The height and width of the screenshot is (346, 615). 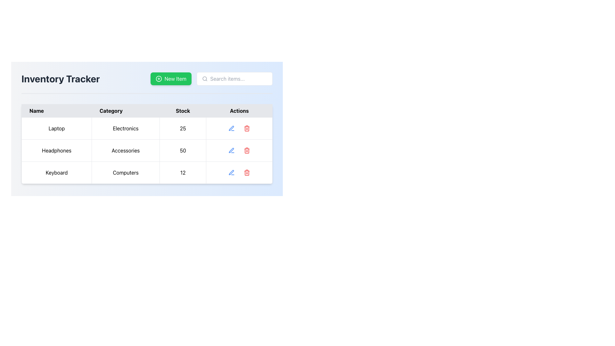 I want to click on the blue pen icon in the Actions column of the Keyboard row, so click(x=231, y=172).